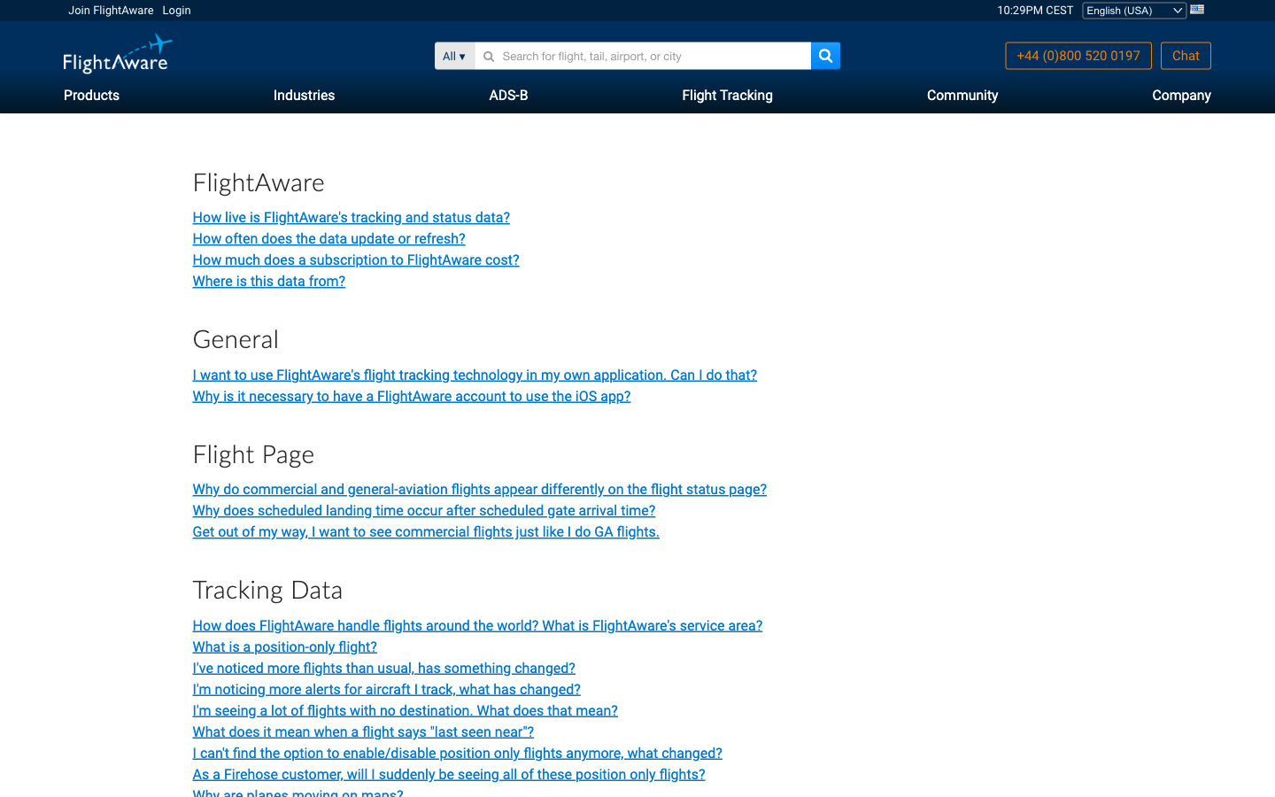 The height and width of the screenshot is (797, 1275). Describe the element at coordinates (284, 646) in the screenshot. I see `Search for data on position-only flight` at that location.